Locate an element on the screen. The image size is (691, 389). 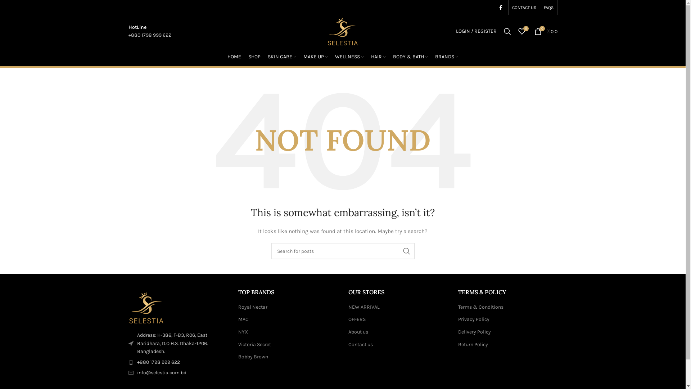
'HOME' is located at coordinates (227, 57).